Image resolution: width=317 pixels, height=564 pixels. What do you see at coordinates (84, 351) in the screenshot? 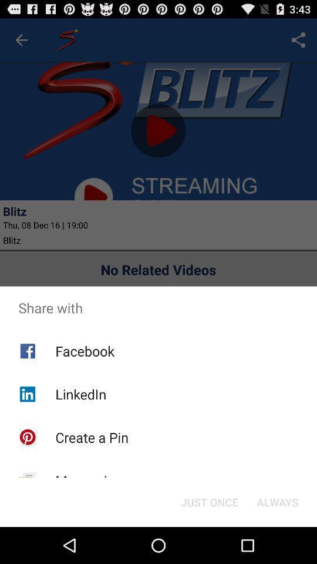
I see `facebook app` at bounding box center [84, 351].